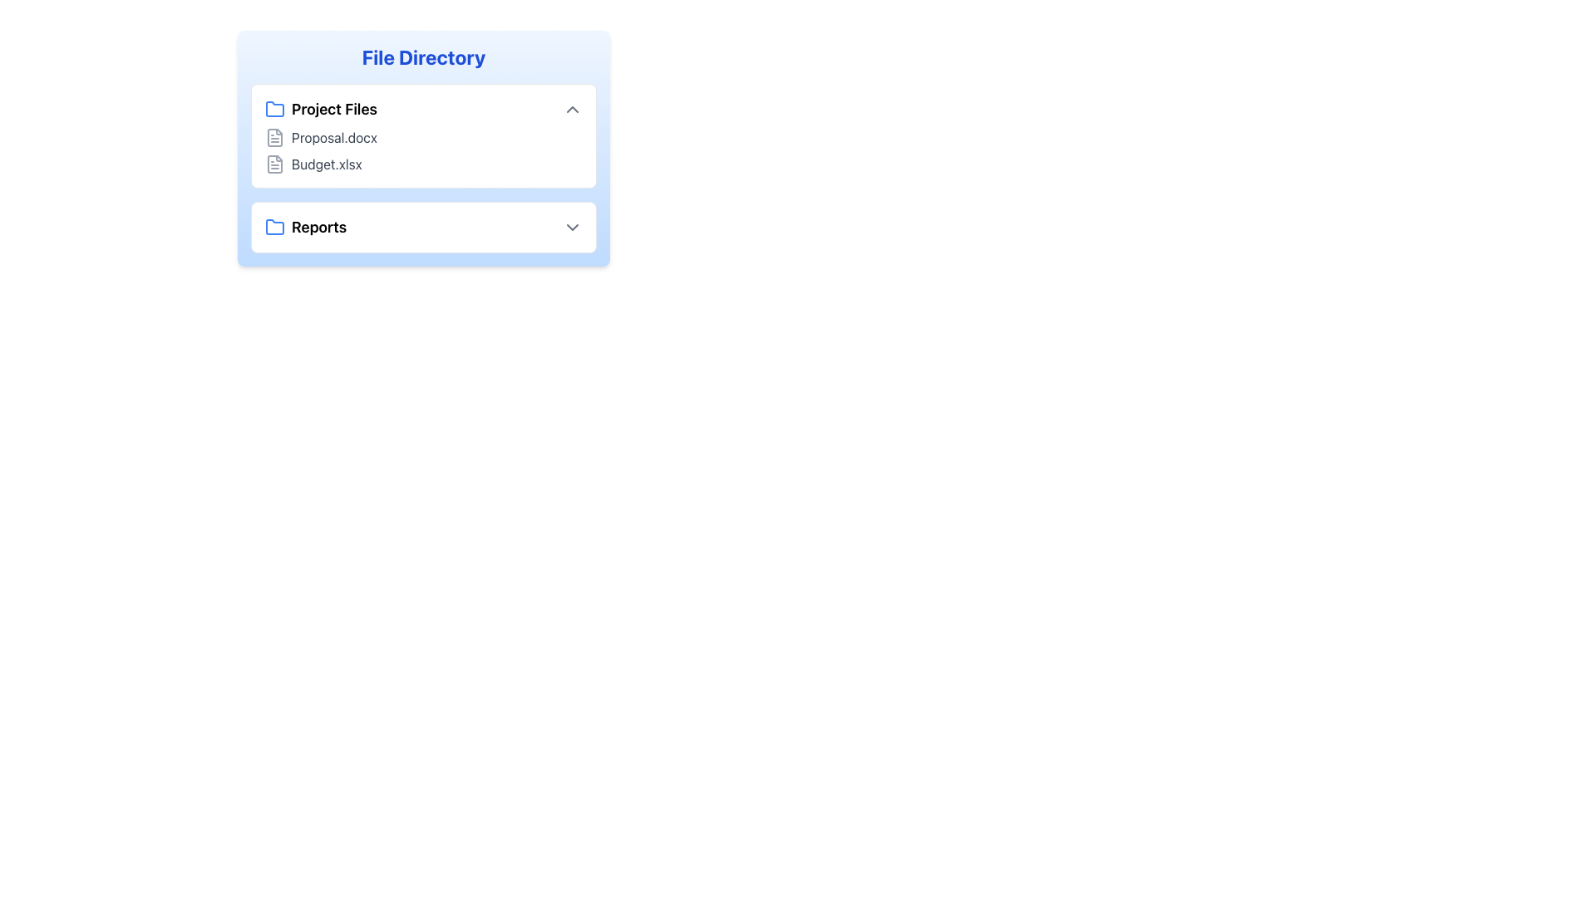 The width and height of the screenshot is (1596, 897). Describe the element at coordinates (275, 164) in the screenshot. I see `the file document icon styled in grayish tones located next to 'Budget.xlsx' in the 'File Directory' section` at that location.